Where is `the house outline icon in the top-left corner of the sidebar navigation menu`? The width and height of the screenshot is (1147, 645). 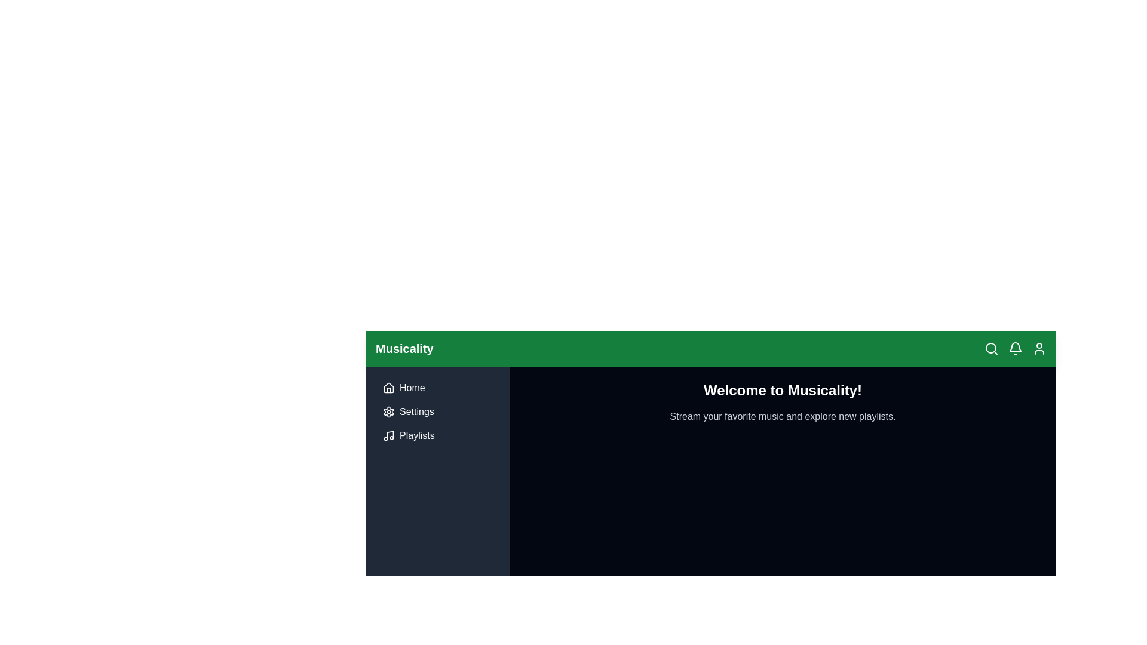
the house outline icon in the top-left corner of the sidebar navigation menu is located at coordinates (389, 387).